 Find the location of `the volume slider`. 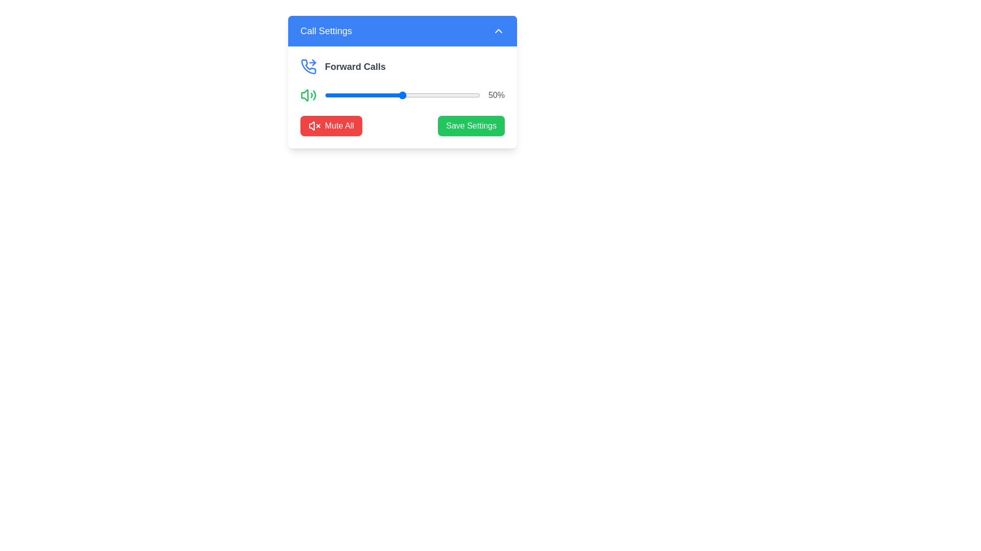

the volume slider is located at coordinates (385, 95).